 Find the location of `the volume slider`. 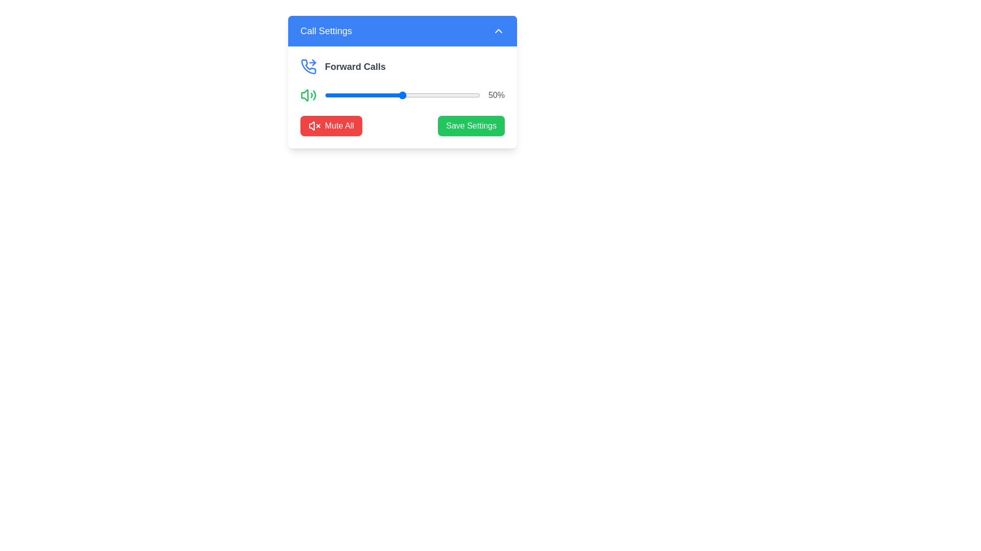

the volume slider is located at coordinates (385, 95).